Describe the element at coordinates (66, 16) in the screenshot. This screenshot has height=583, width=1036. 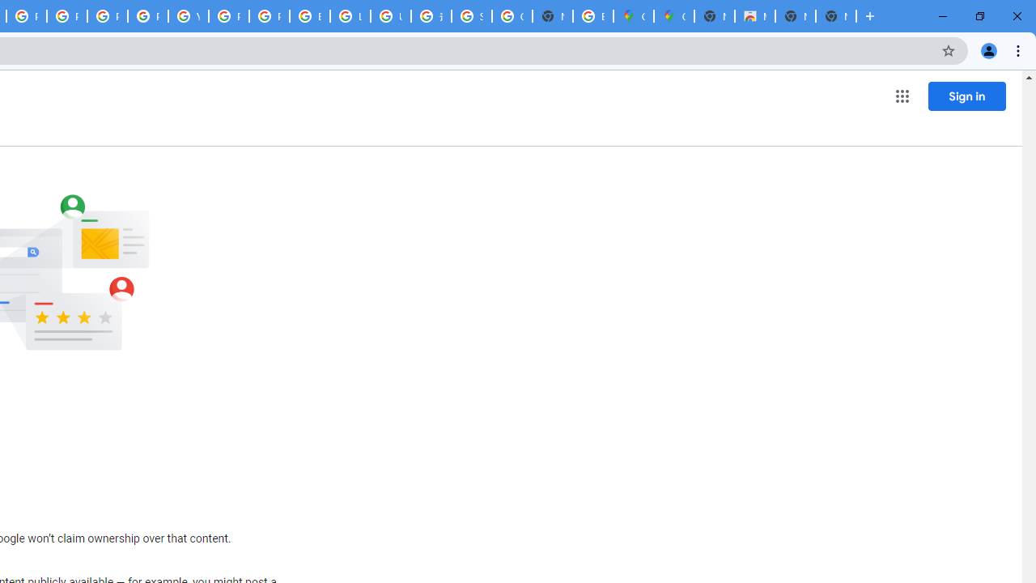
I see `'Privacy Help Center - Policies Help'` at that location.